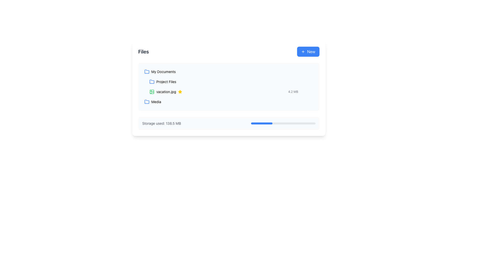 The width and height of the screenshot is (483, 271). Describe the element at coordinates (303, 102) in the screenshot. I see `the download button located on the right side of the file list section, aligned with the 'vacation.jpg' file entry to change its styling` at that location.